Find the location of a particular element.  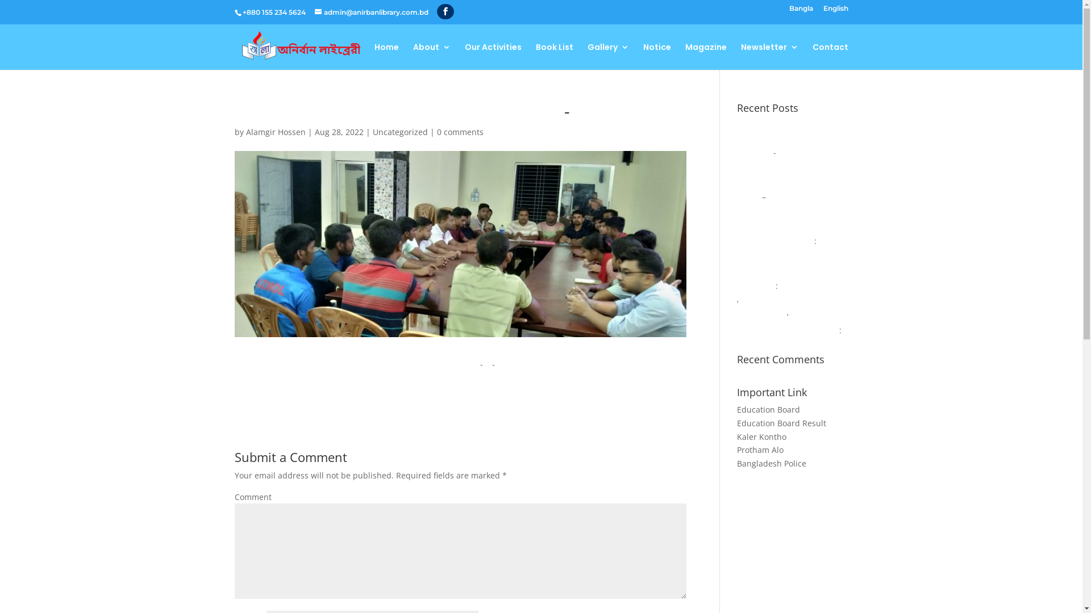

'About' is located at coordinates (430, 56).